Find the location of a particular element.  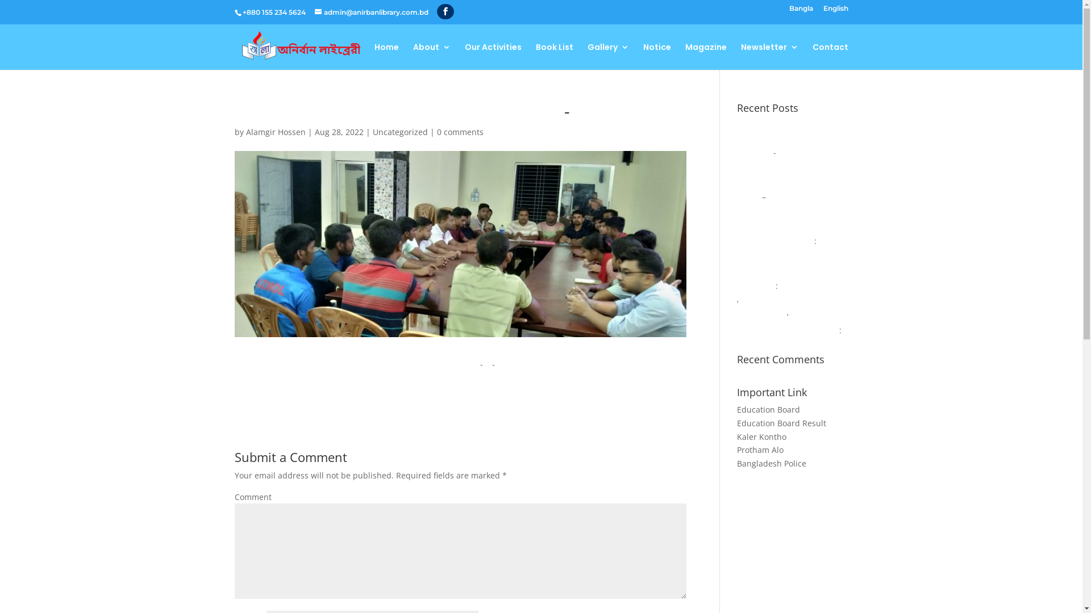

'About' is located at coordinates (430, 56).